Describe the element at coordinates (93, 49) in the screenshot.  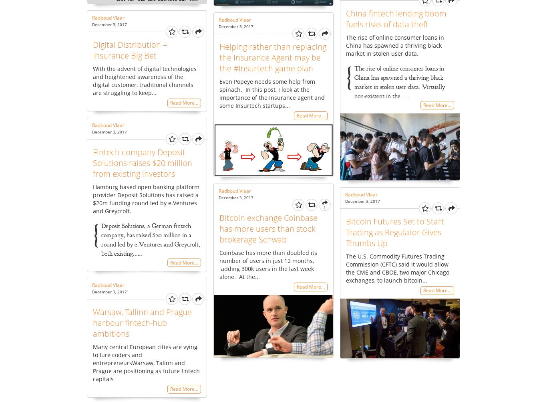
I see `'Digital Distribution = Insurance Big Bet'` at that location.